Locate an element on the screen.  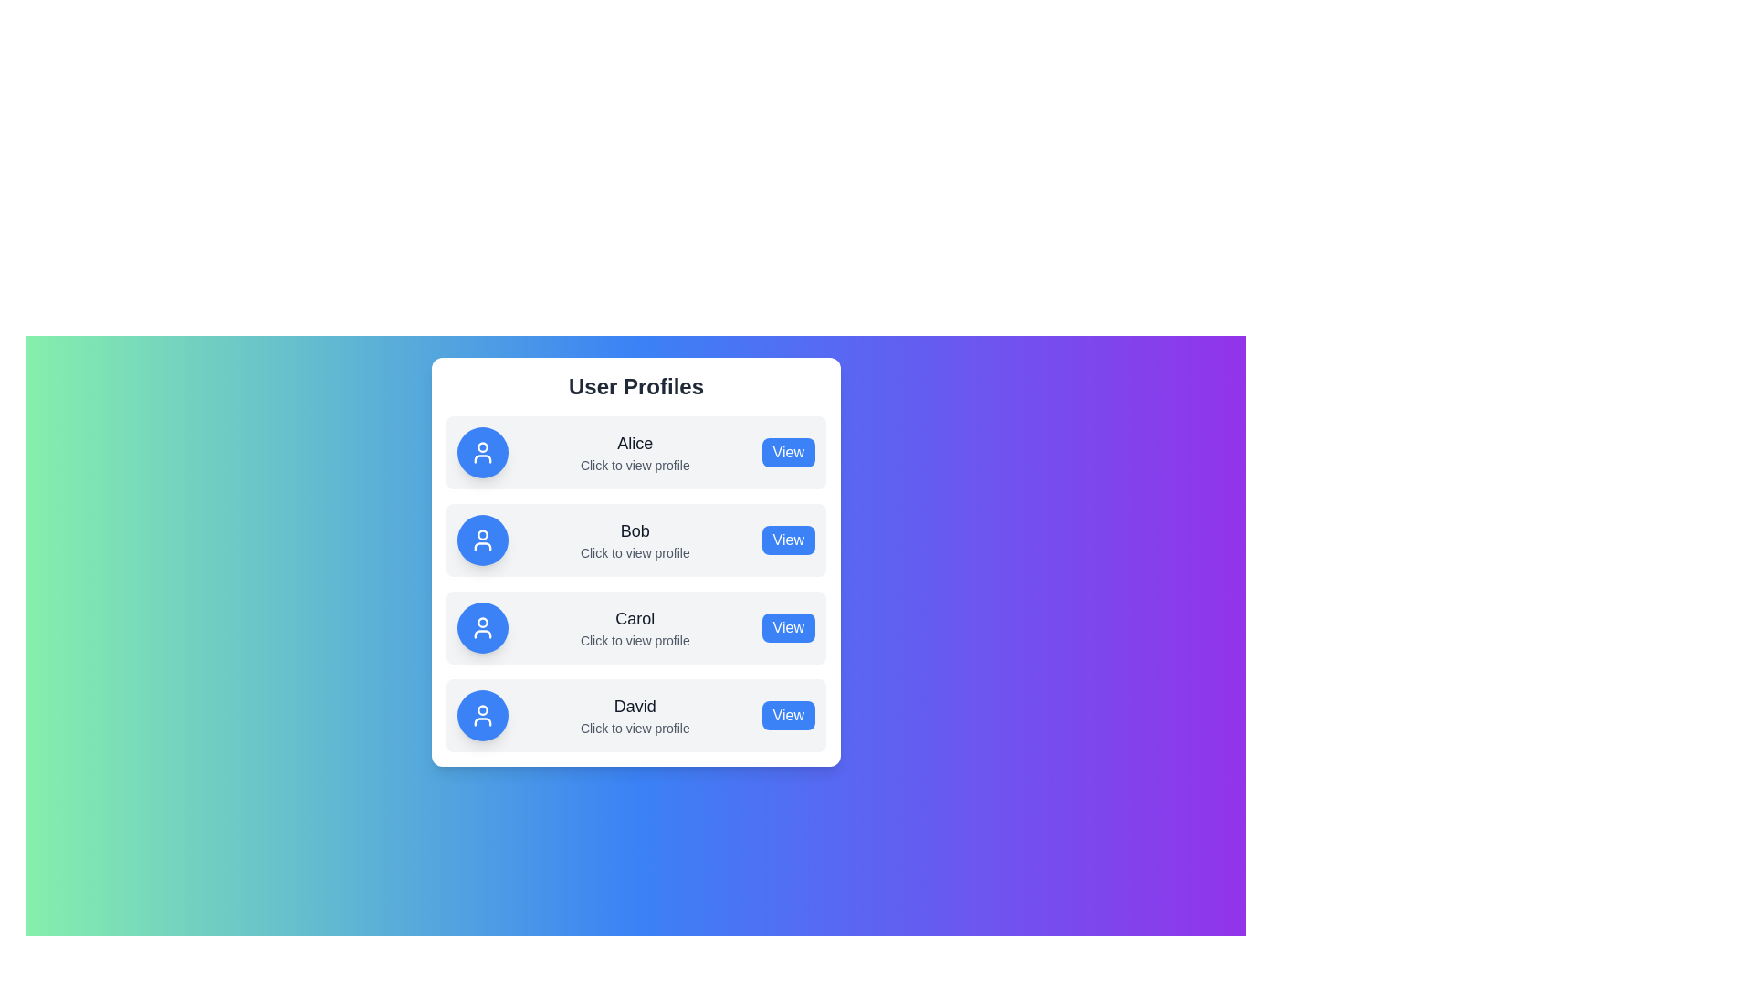
the Avatar/Icon representing the user 'Carol', which is the third profile card in the vertical list of user profiles is located at coordinates (482, 626).